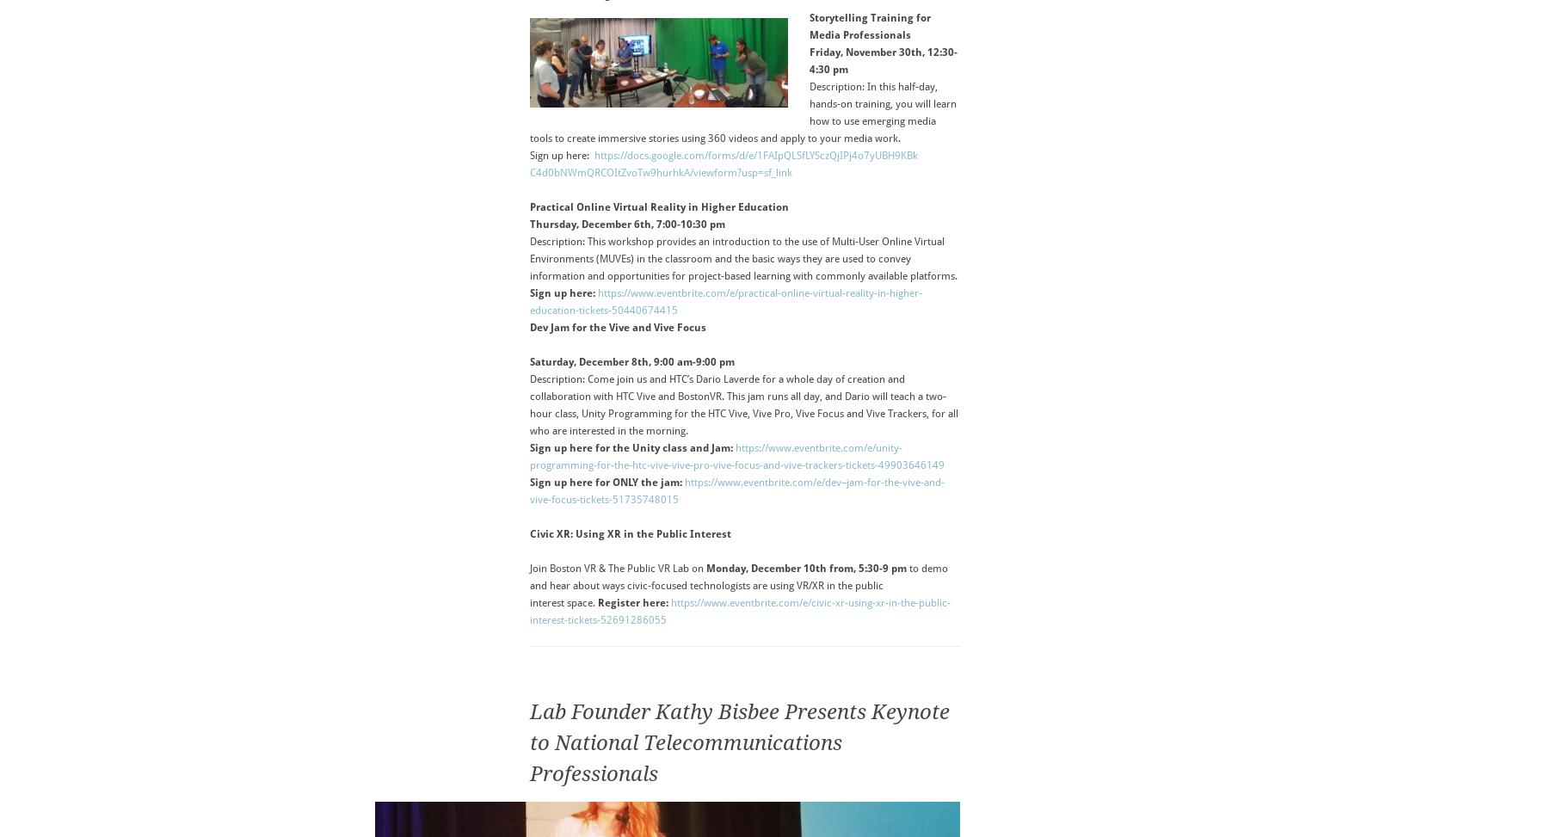 This screenshot has height=837, width=1558. Describe the element at coordinates (637, 327) in the screenshot. I see `'for the Vive and Vive Focus'` at that location.